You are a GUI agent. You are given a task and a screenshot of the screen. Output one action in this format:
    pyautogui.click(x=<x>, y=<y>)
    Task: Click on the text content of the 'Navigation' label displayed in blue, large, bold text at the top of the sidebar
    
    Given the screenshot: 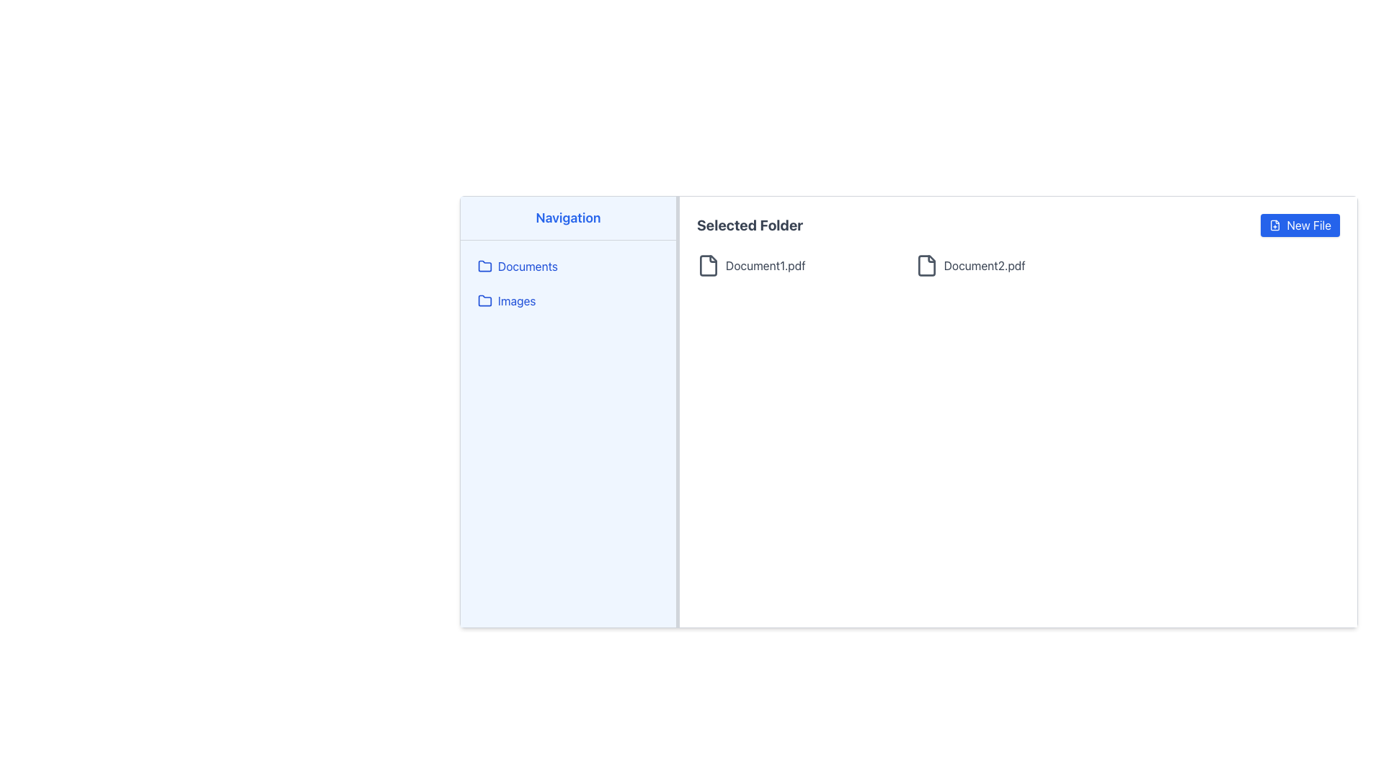 What is the action you would take?
    pyautogui.click(x=567, y=218)
    